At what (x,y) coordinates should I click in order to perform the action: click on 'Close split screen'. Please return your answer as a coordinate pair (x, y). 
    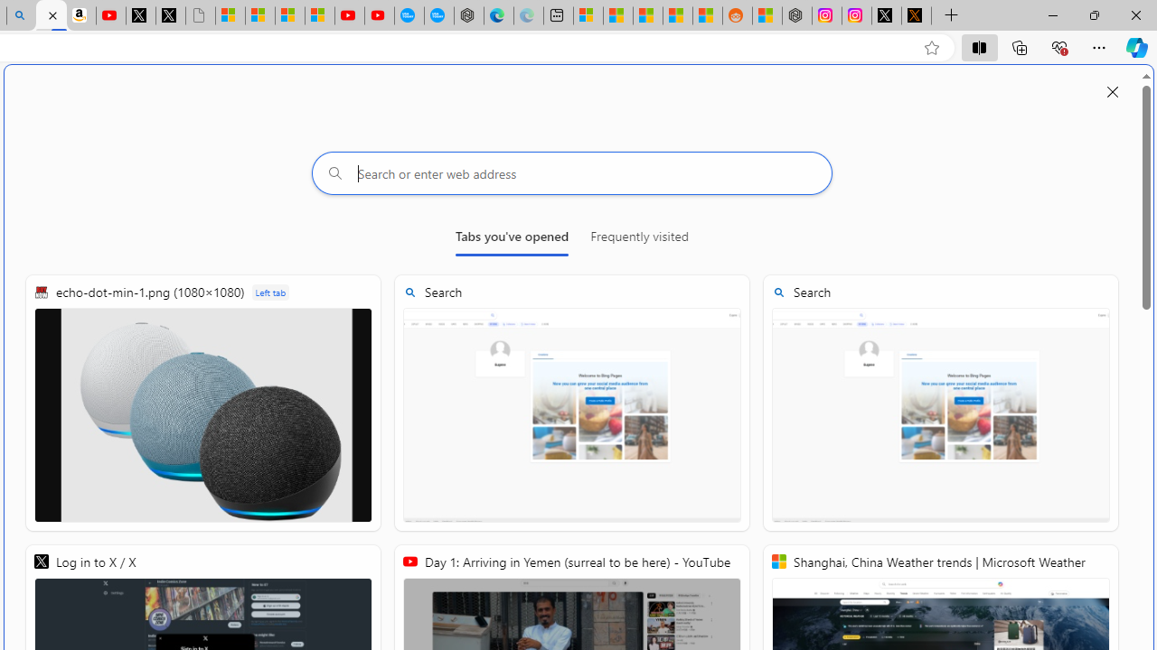
    Looking at the image, I should click on (1112, 92).